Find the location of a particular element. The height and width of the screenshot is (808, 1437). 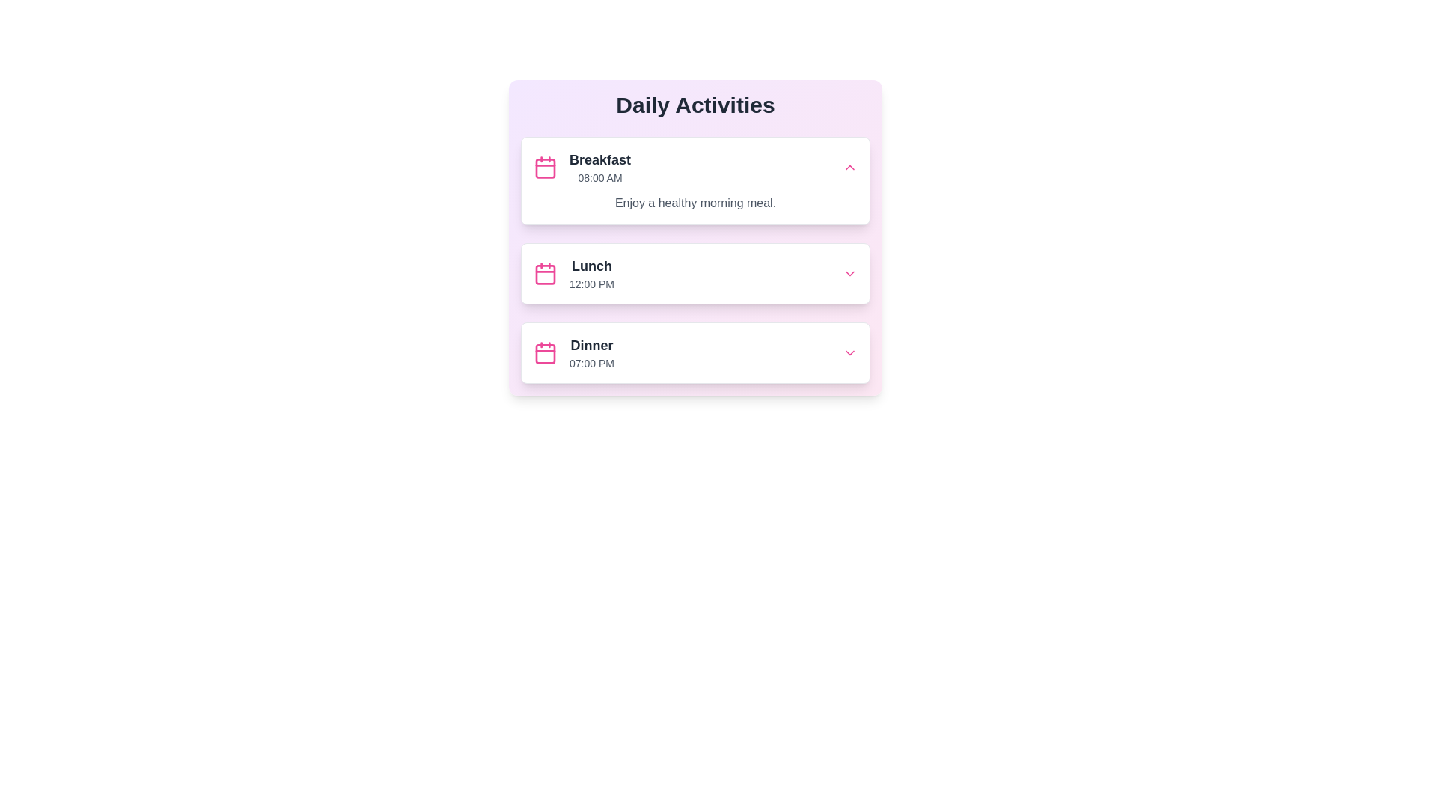

displayed time from the text label showing '08:00 AM' in gray font, positioned beneath the bold 'Breakfast' label within the activity card is located at coordinates (599, 177).